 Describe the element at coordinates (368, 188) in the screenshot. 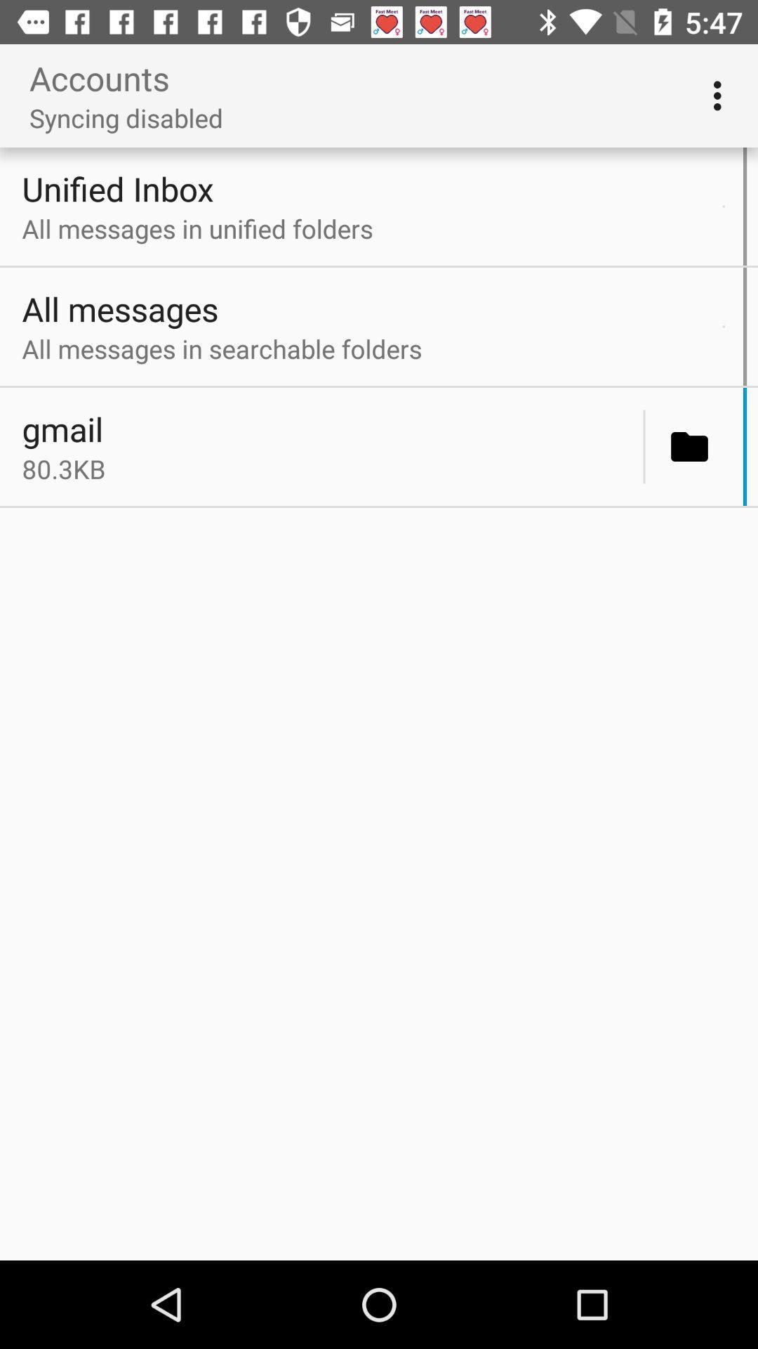

I see `the unified inbox item` at that location.